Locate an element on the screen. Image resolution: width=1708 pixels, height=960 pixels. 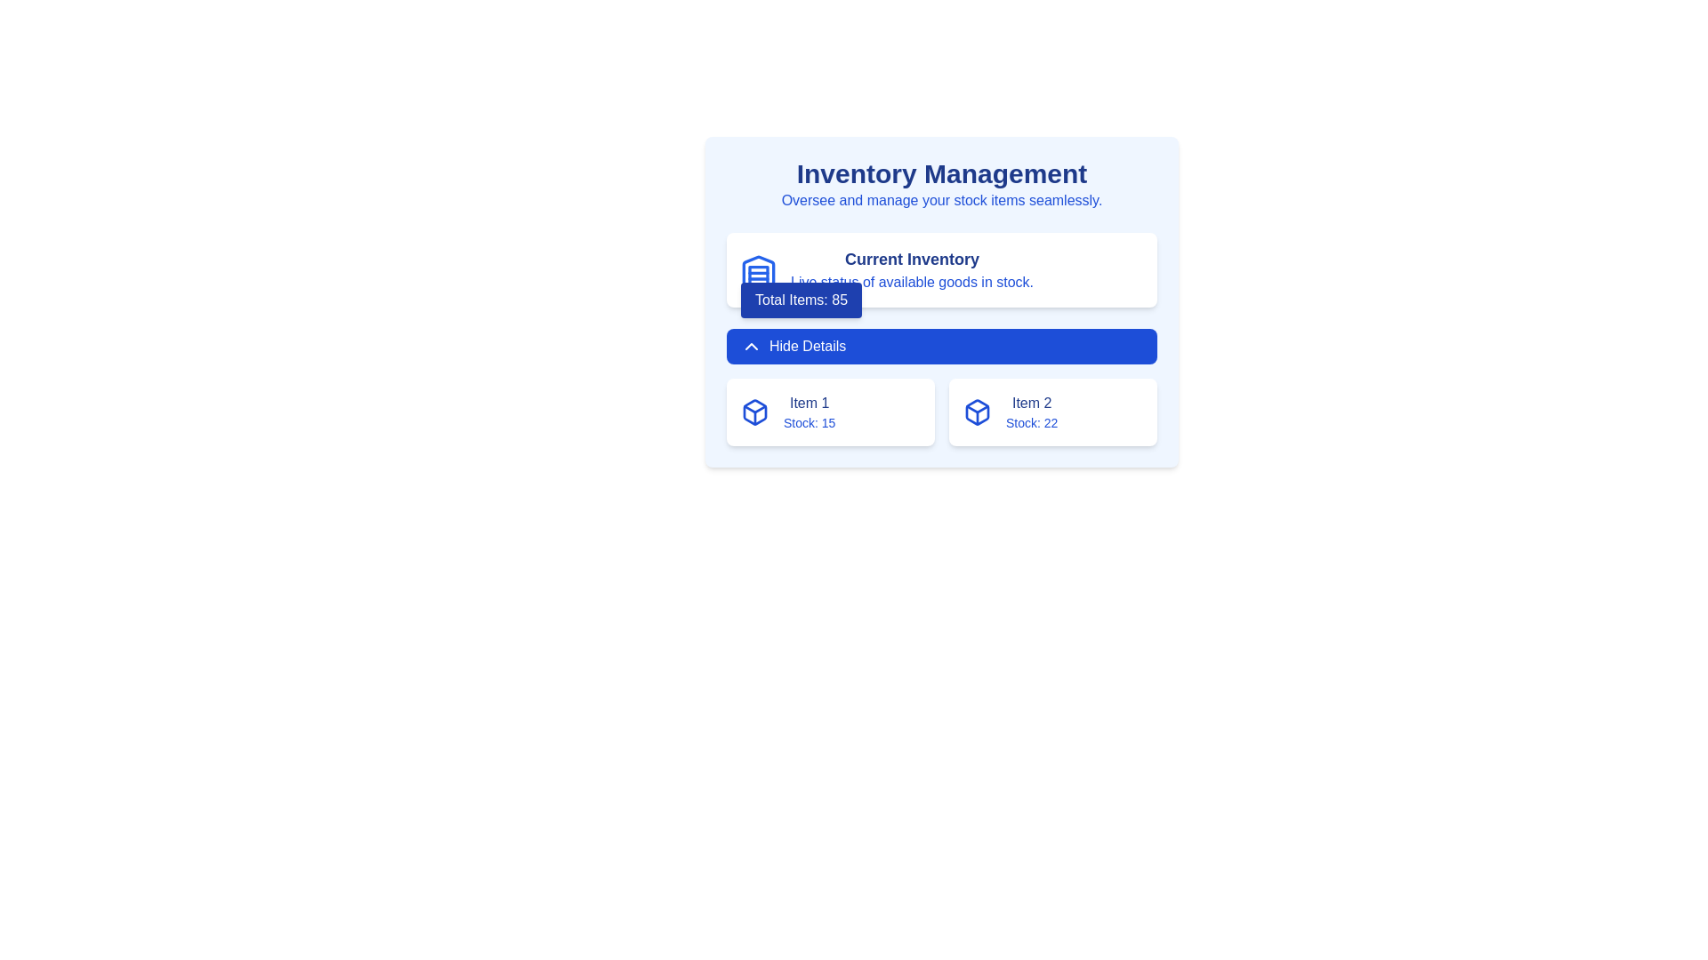
the text element displaying 'Current Inventory' in a blue bold font, located at the top of the 'Inventory Management' card is located at coordinates (912, 260).